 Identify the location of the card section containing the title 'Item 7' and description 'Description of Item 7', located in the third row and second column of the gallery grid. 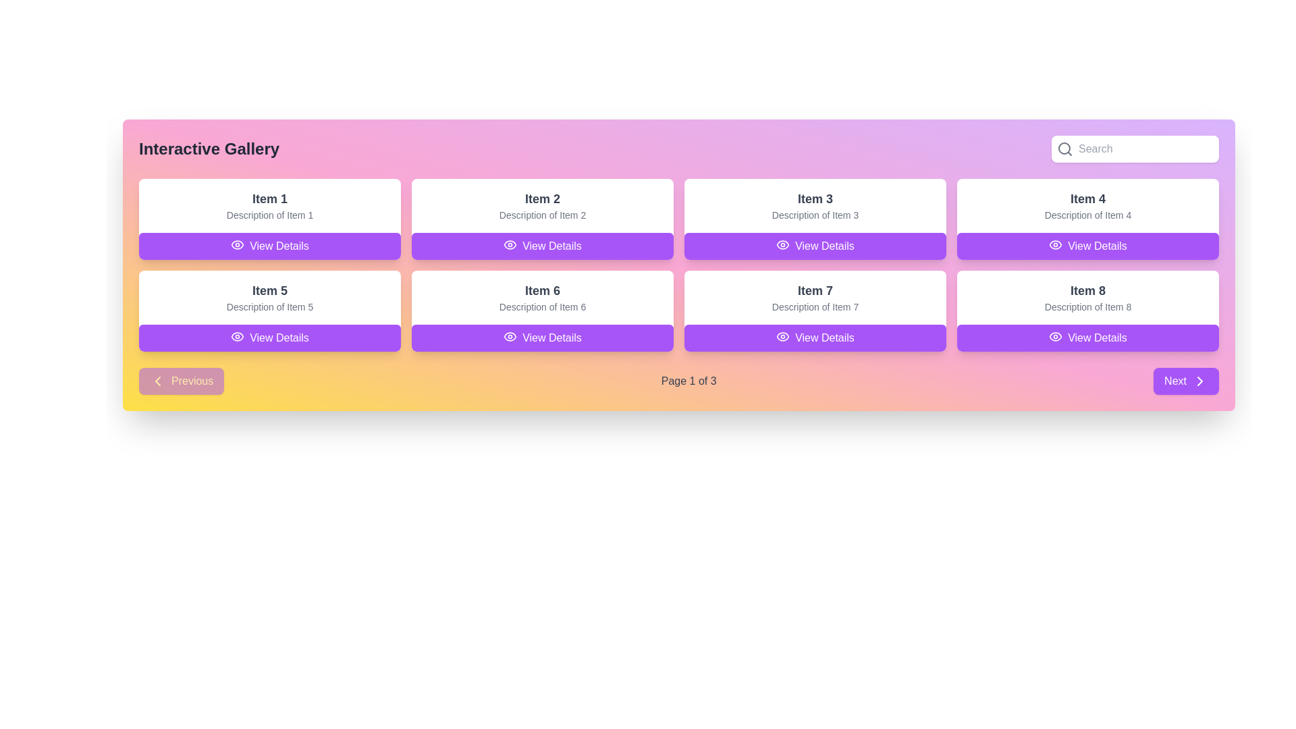
(815, 296).